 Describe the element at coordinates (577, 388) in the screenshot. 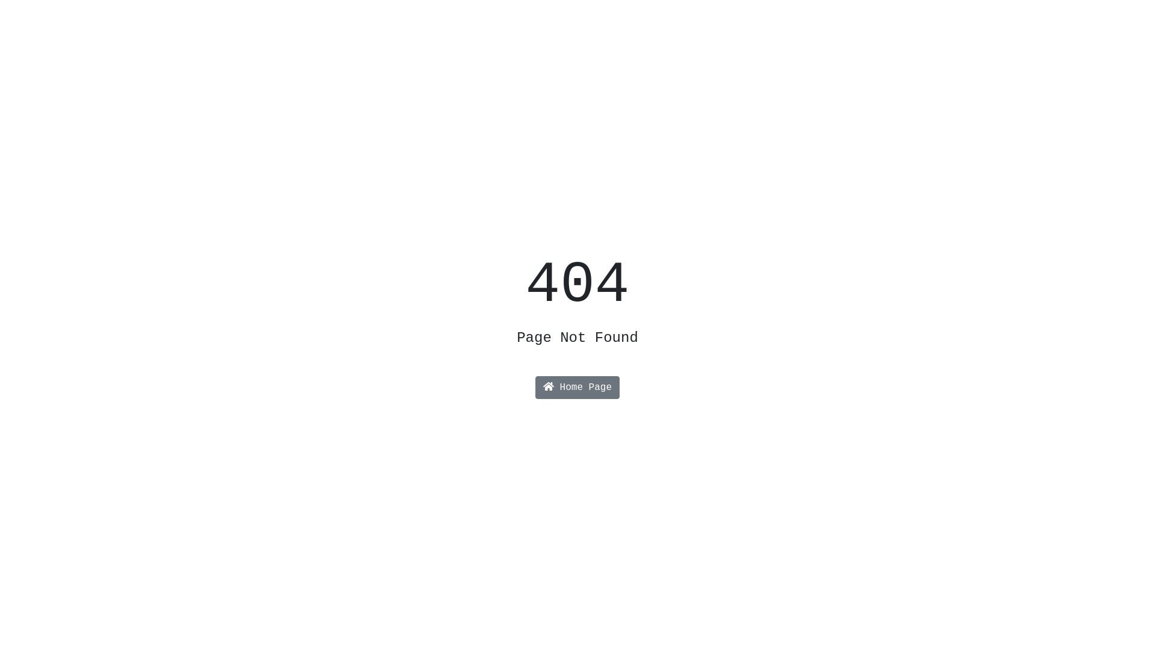

I see `'Home Page'` at that location.